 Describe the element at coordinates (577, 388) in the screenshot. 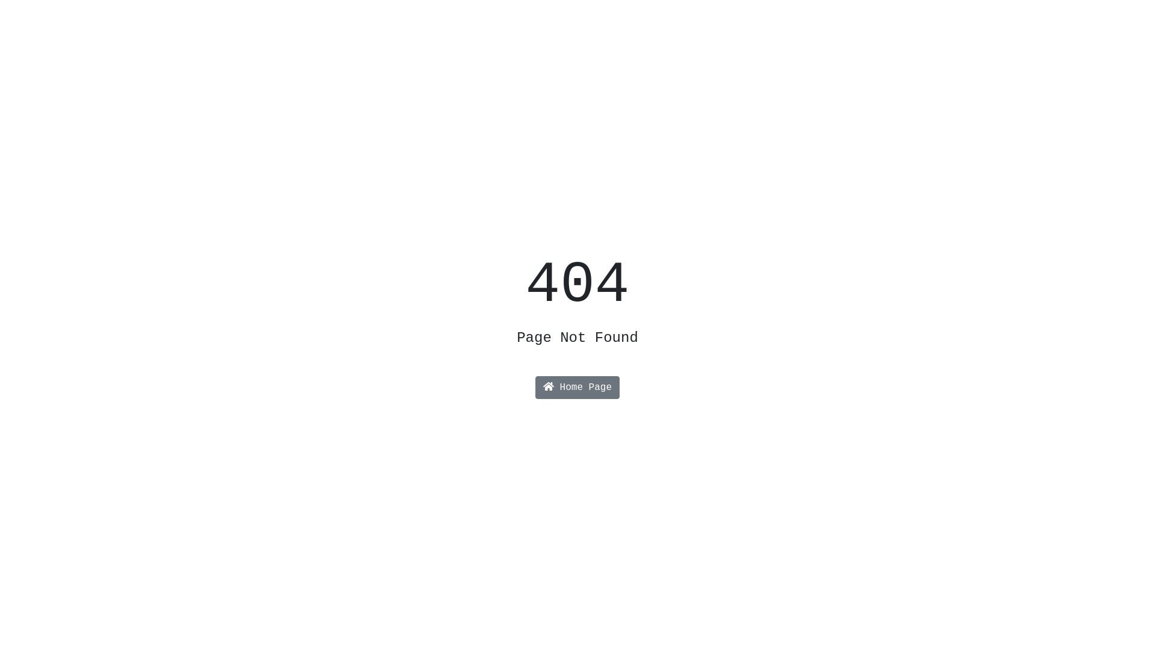

I see `'Home Page'` at that location.